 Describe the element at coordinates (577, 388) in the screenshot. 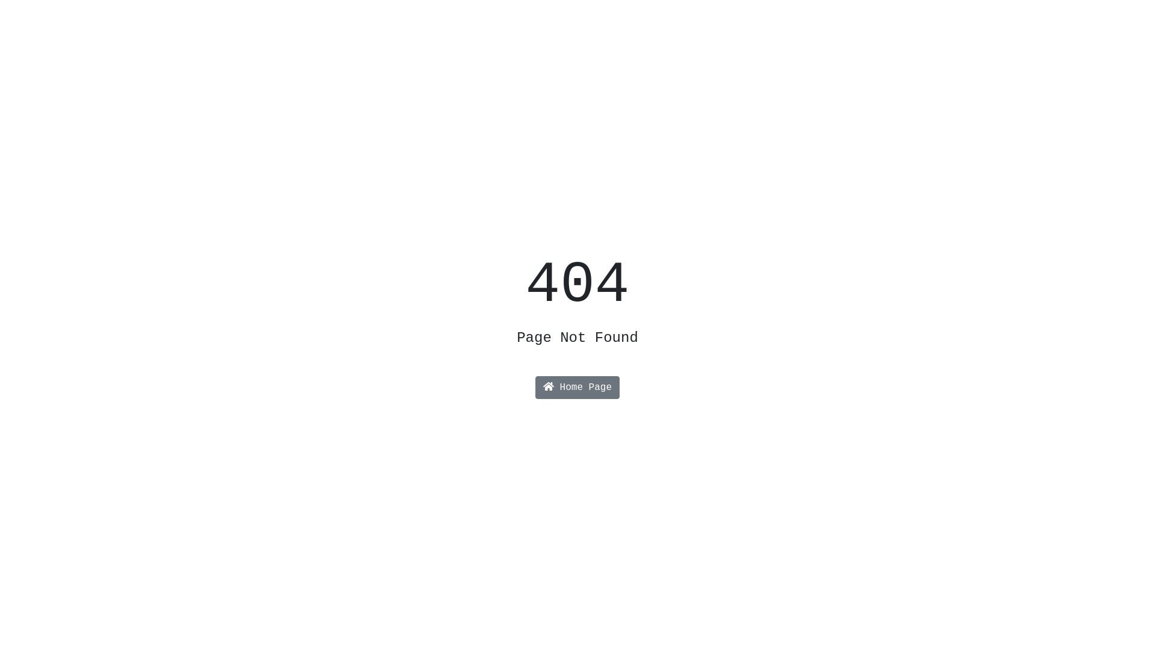

I see `'Home Page'` at that location.